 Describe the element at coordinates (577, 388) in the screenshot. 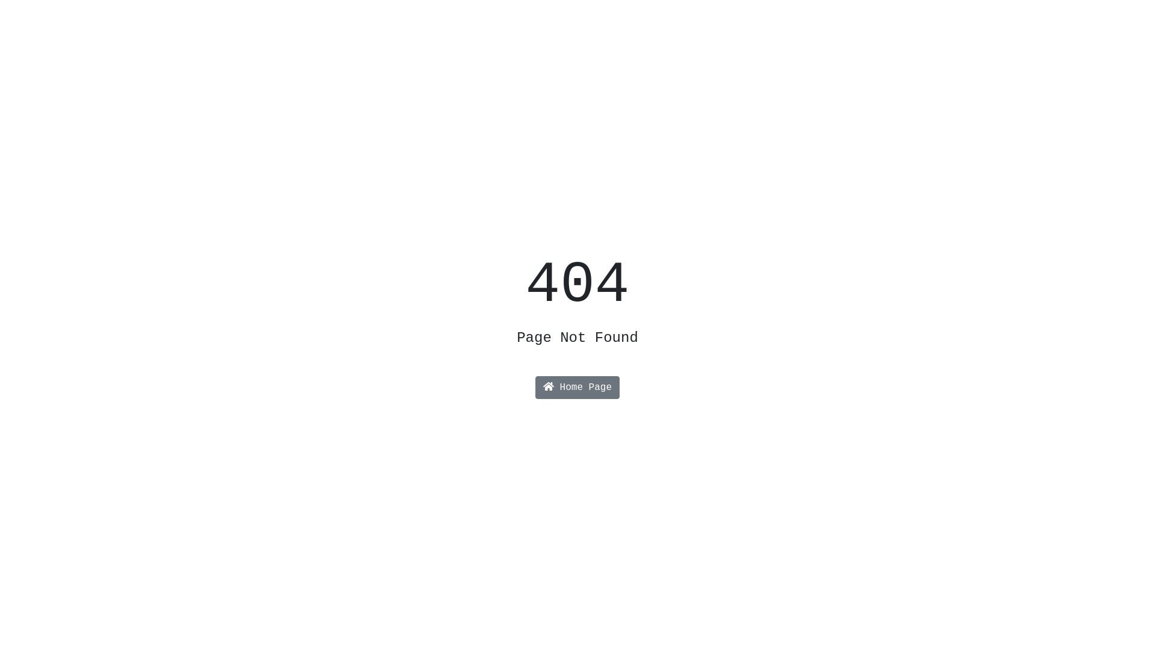

I see `'Home Page'` at that location.